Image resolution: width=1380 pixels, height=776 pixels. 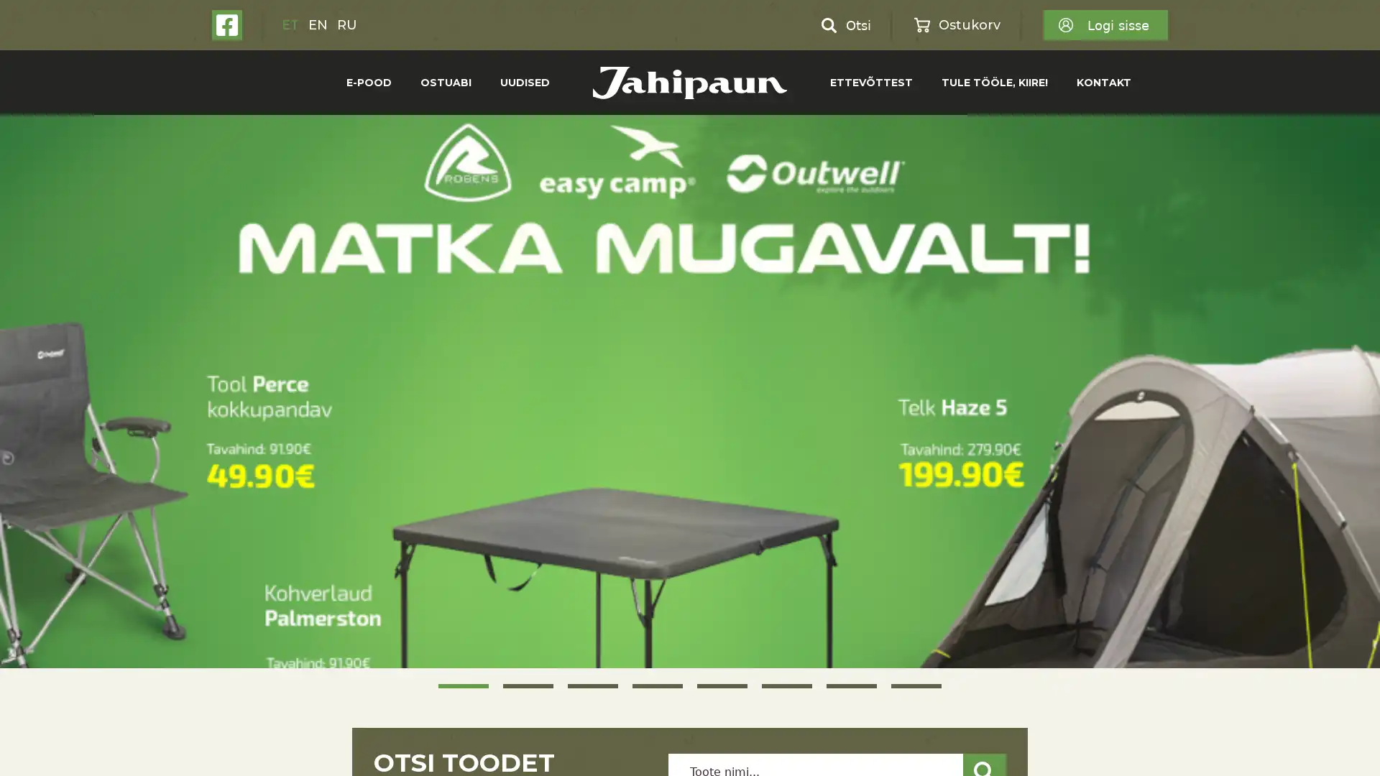 What do you see at coordinates (1105, 24) in the screenshot?
I see `Logi sisse` at bounding box center [1105, 24].